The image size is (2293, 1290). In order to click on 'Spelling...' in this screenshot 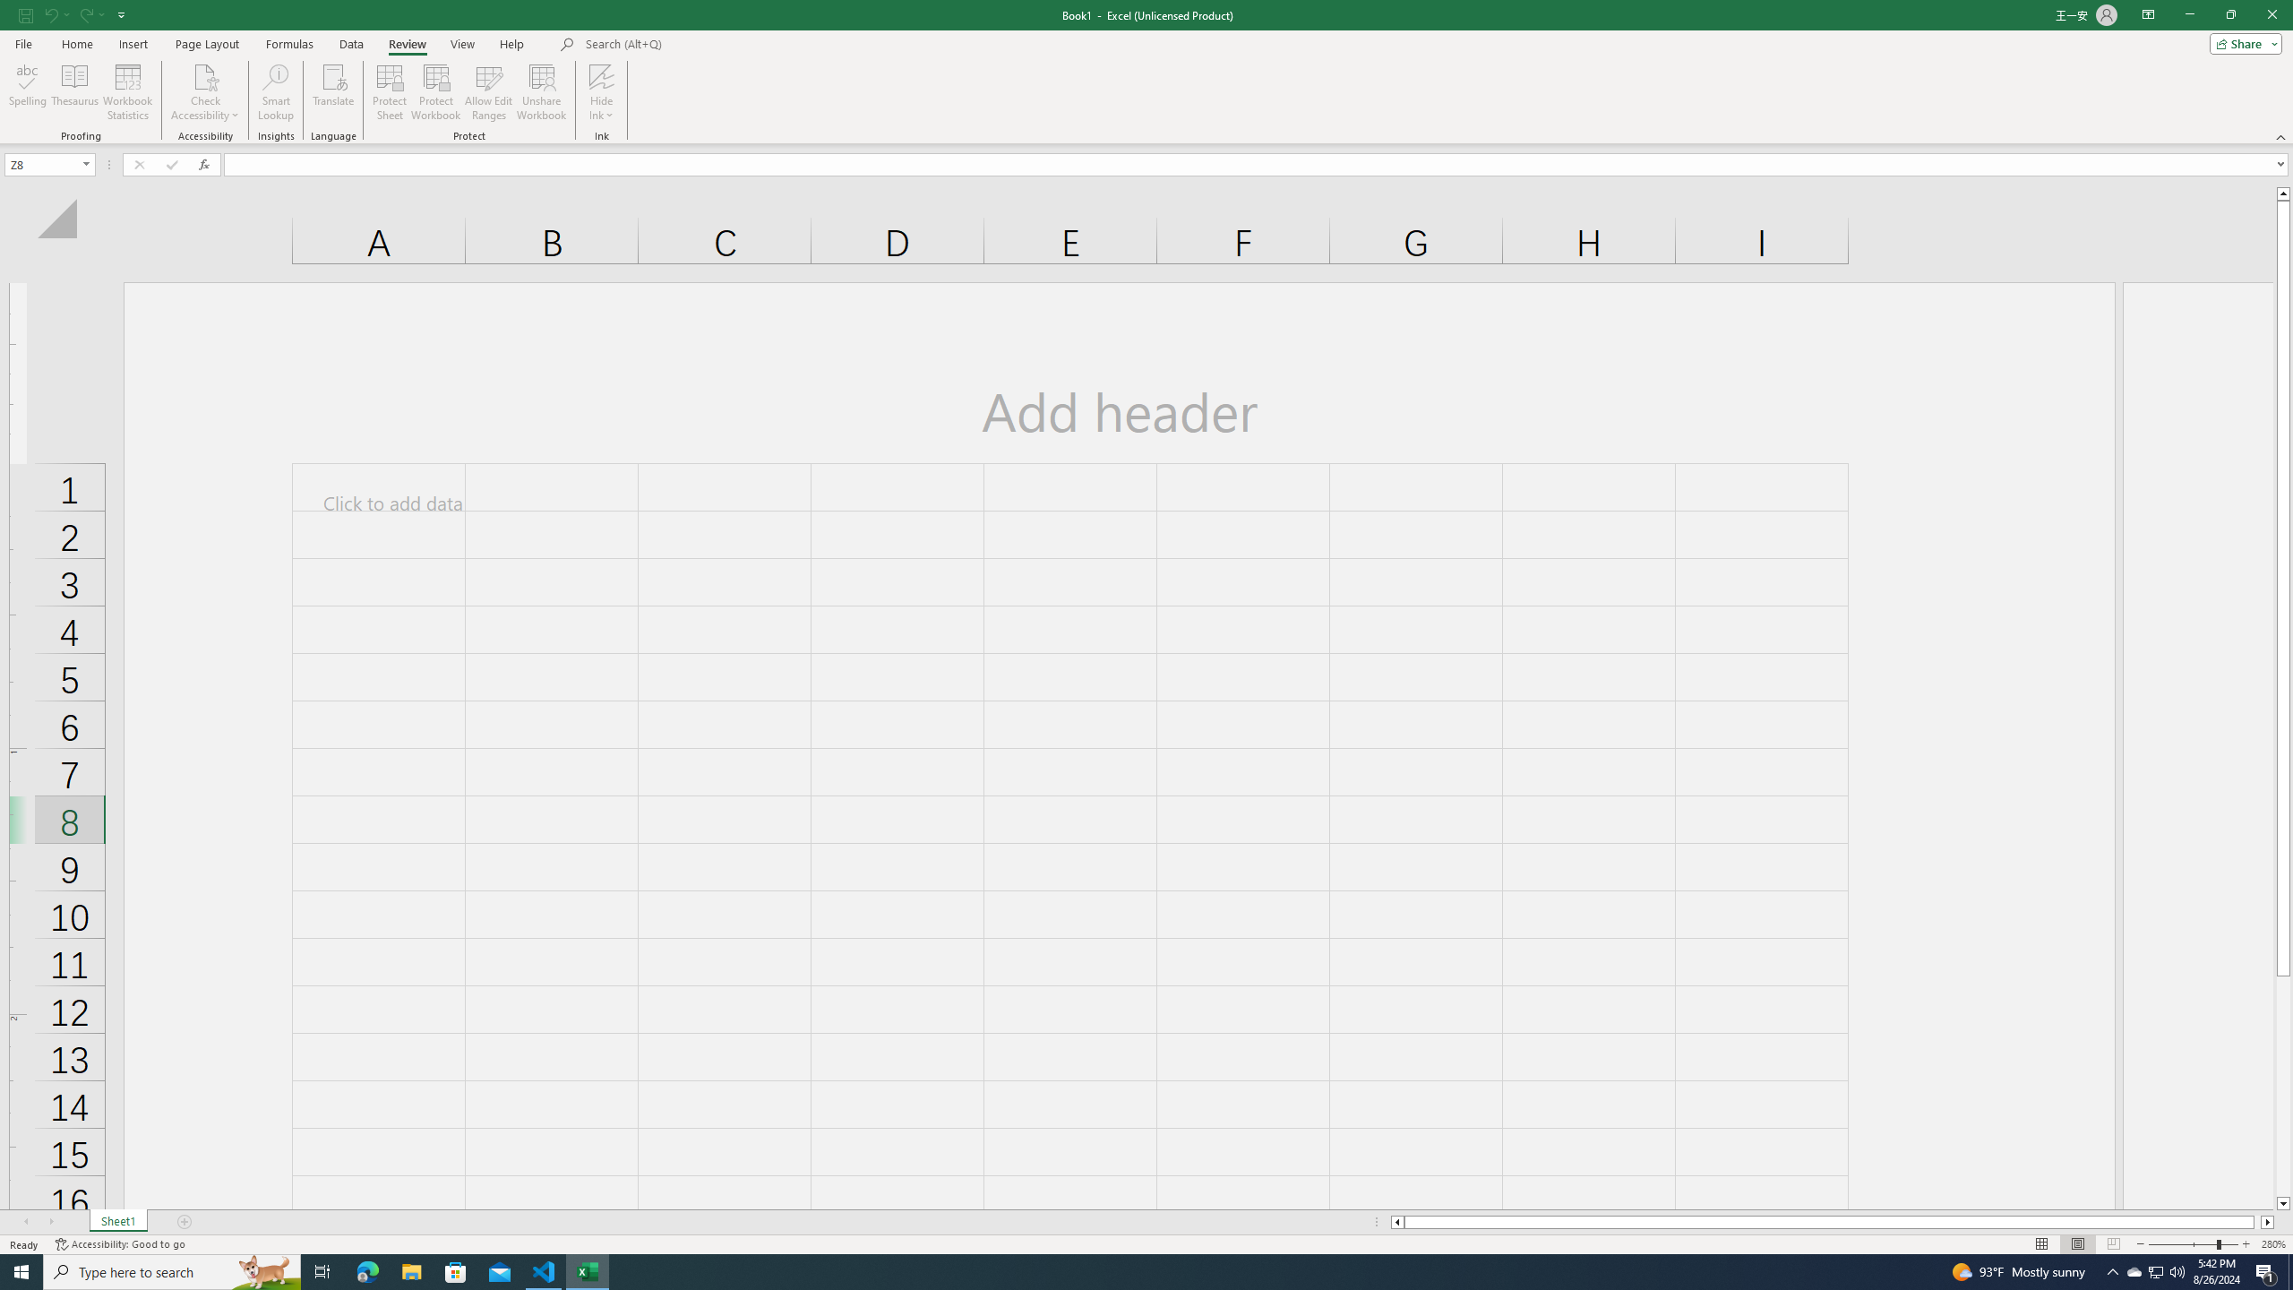, I will do `click(26, 92)`.